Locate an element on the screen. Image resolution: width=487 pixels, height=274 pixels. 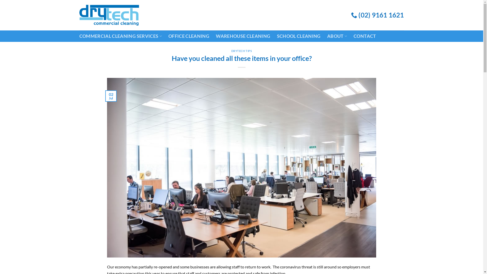
'(02) 9161 1621' is located at coordinates (351, 15).